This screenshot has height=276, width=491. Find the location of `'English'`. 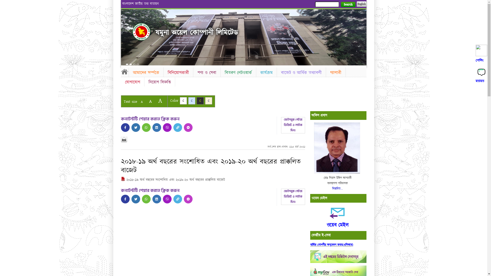

'English' is located at coordinates (361, 4).